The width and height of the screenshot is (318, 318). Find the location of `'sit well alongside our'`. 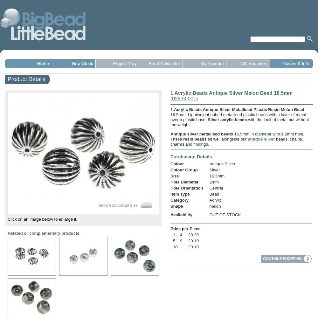

'sit well alongside our' is located at coordinates (227, 139).